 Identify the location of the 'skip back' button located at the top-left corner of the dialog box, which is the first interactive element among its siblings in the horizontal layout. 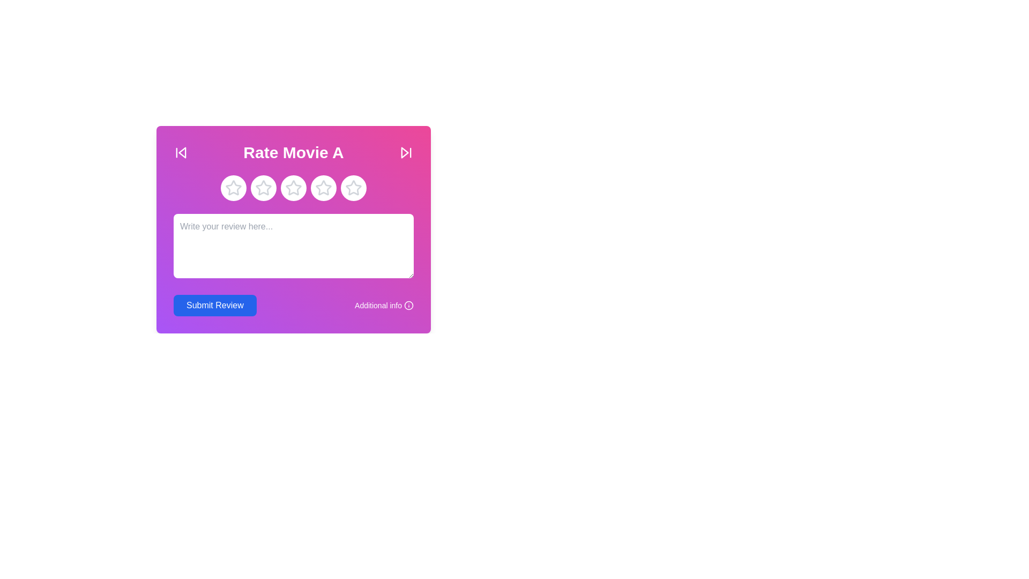
(181, 153).